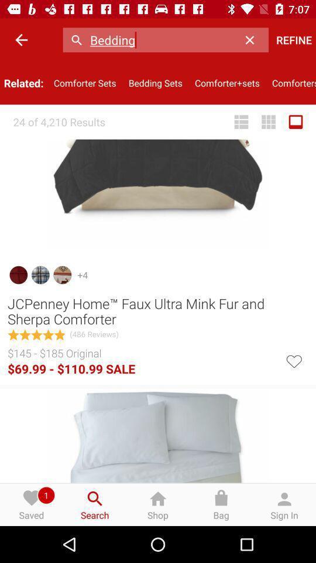 This screenshot has width=316, height=563. What do you see at coordinates (155, 82) in the screenshot?
I see `bedding sets item` at bounding box center [155, 82].